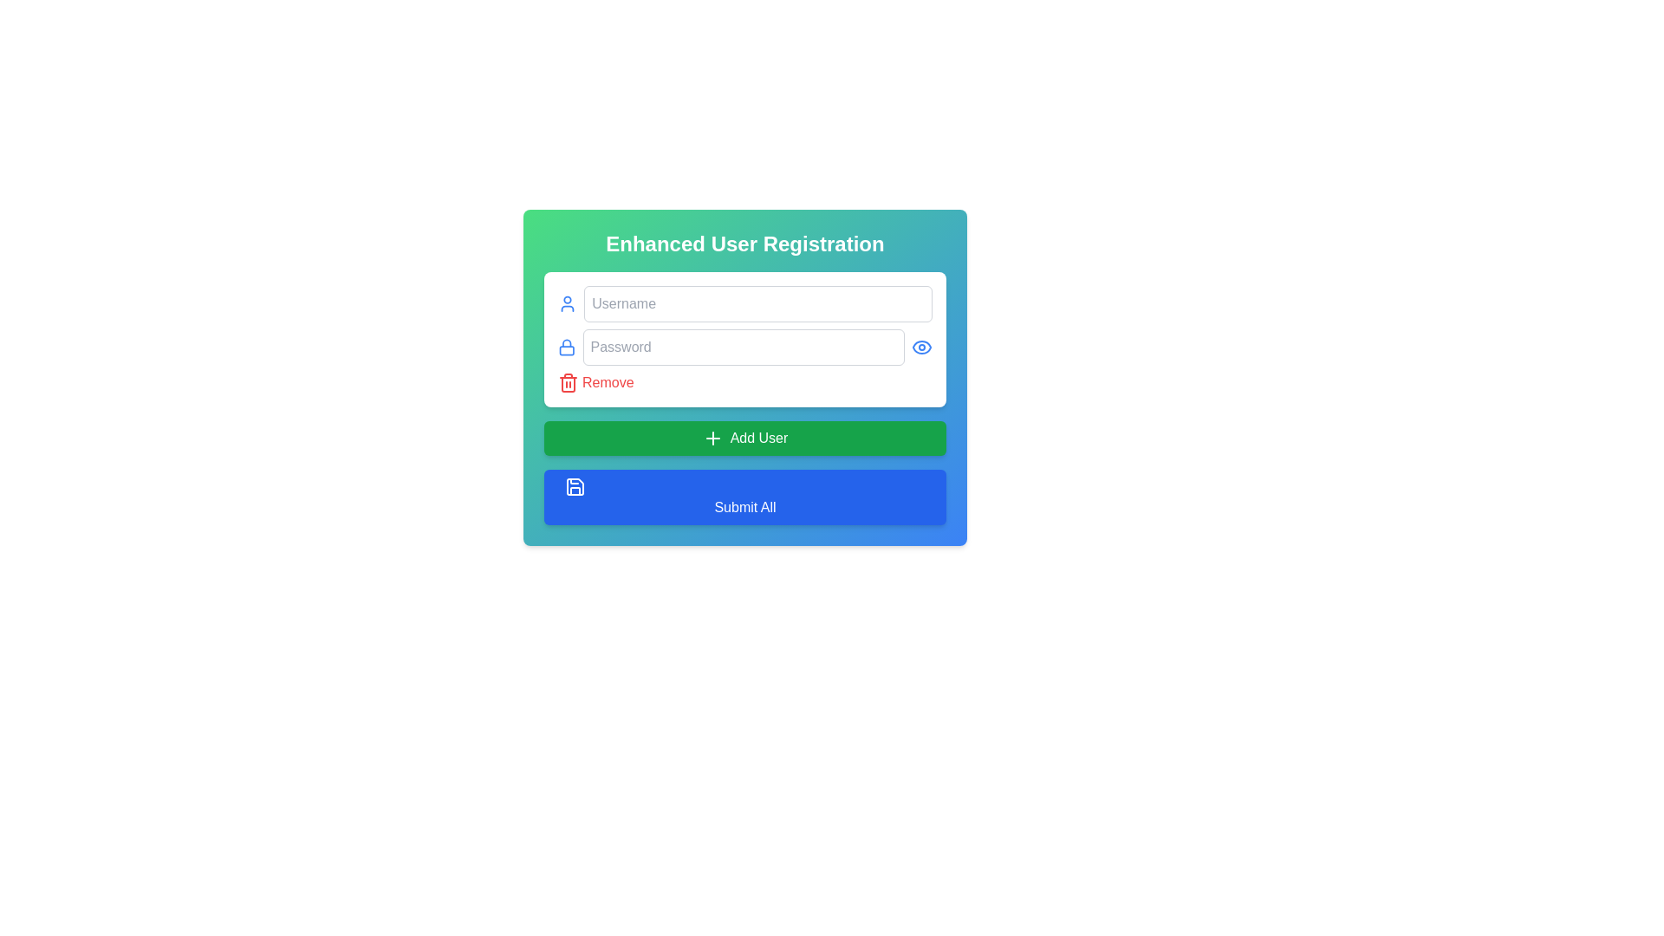 Image resolution: width=1664 pixels, height=936 pixels. What do you see at coordinates (758, 437) in the screenshot?
I see `the 'Add User' text label within the green button component, which is styled with a white font color and located just below the password input field` at bounding box center [758, 437].